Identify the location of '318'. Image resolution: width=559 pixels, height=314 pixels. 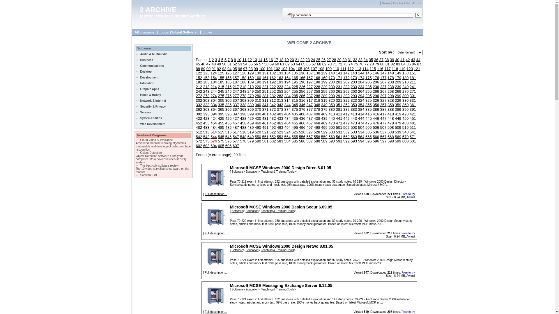
(314, 100).